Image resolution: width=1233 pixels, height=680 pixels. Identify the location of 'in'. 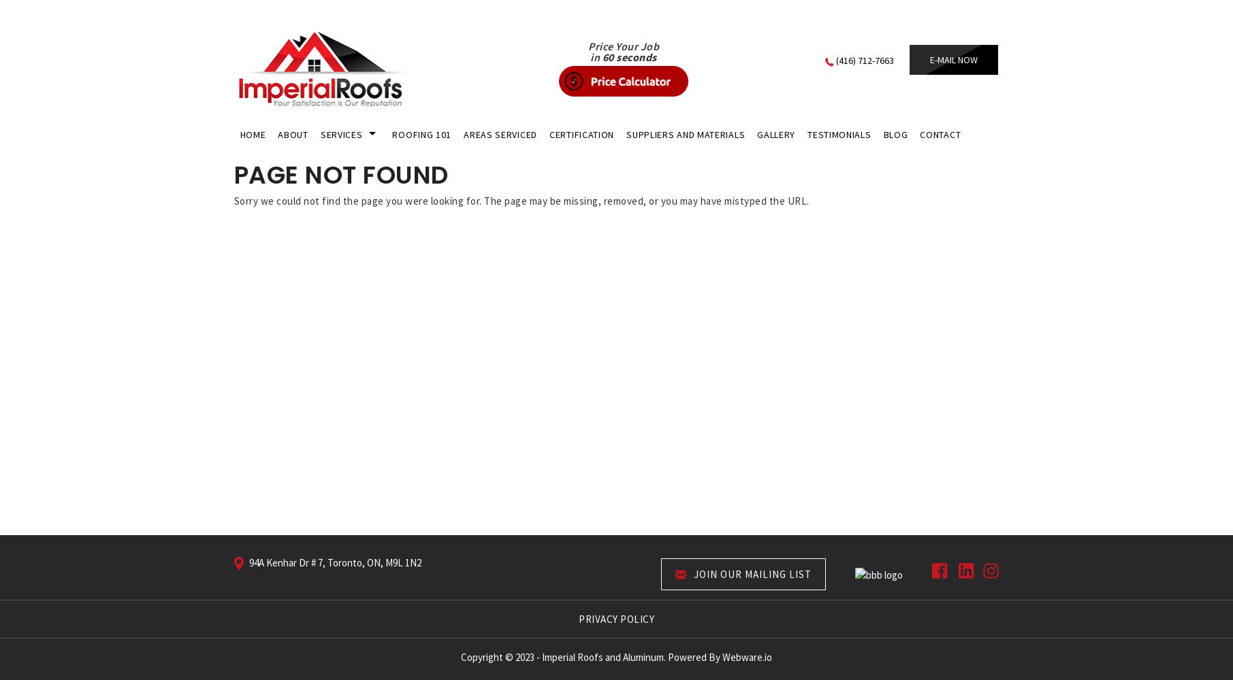
(590, 56).